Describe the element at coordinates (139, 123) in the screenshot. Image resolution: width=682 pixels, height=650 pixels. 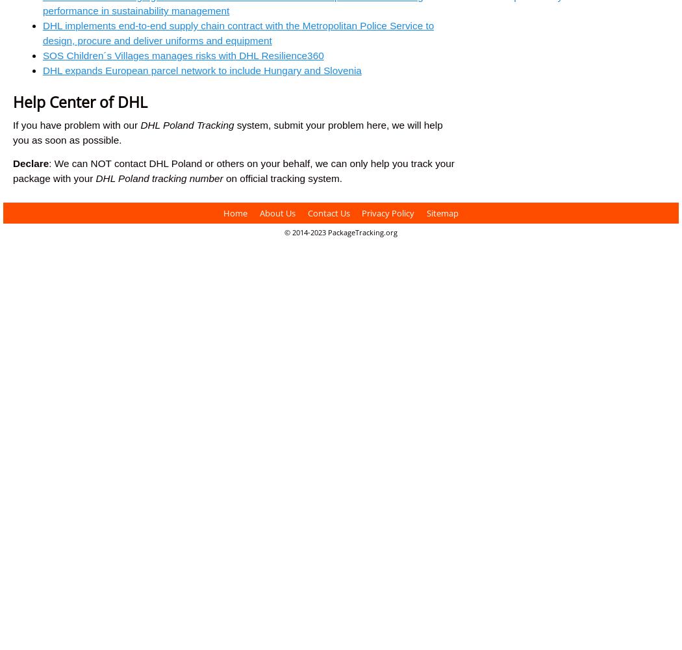
I see `'DHL Poland Tracking'` at that location.